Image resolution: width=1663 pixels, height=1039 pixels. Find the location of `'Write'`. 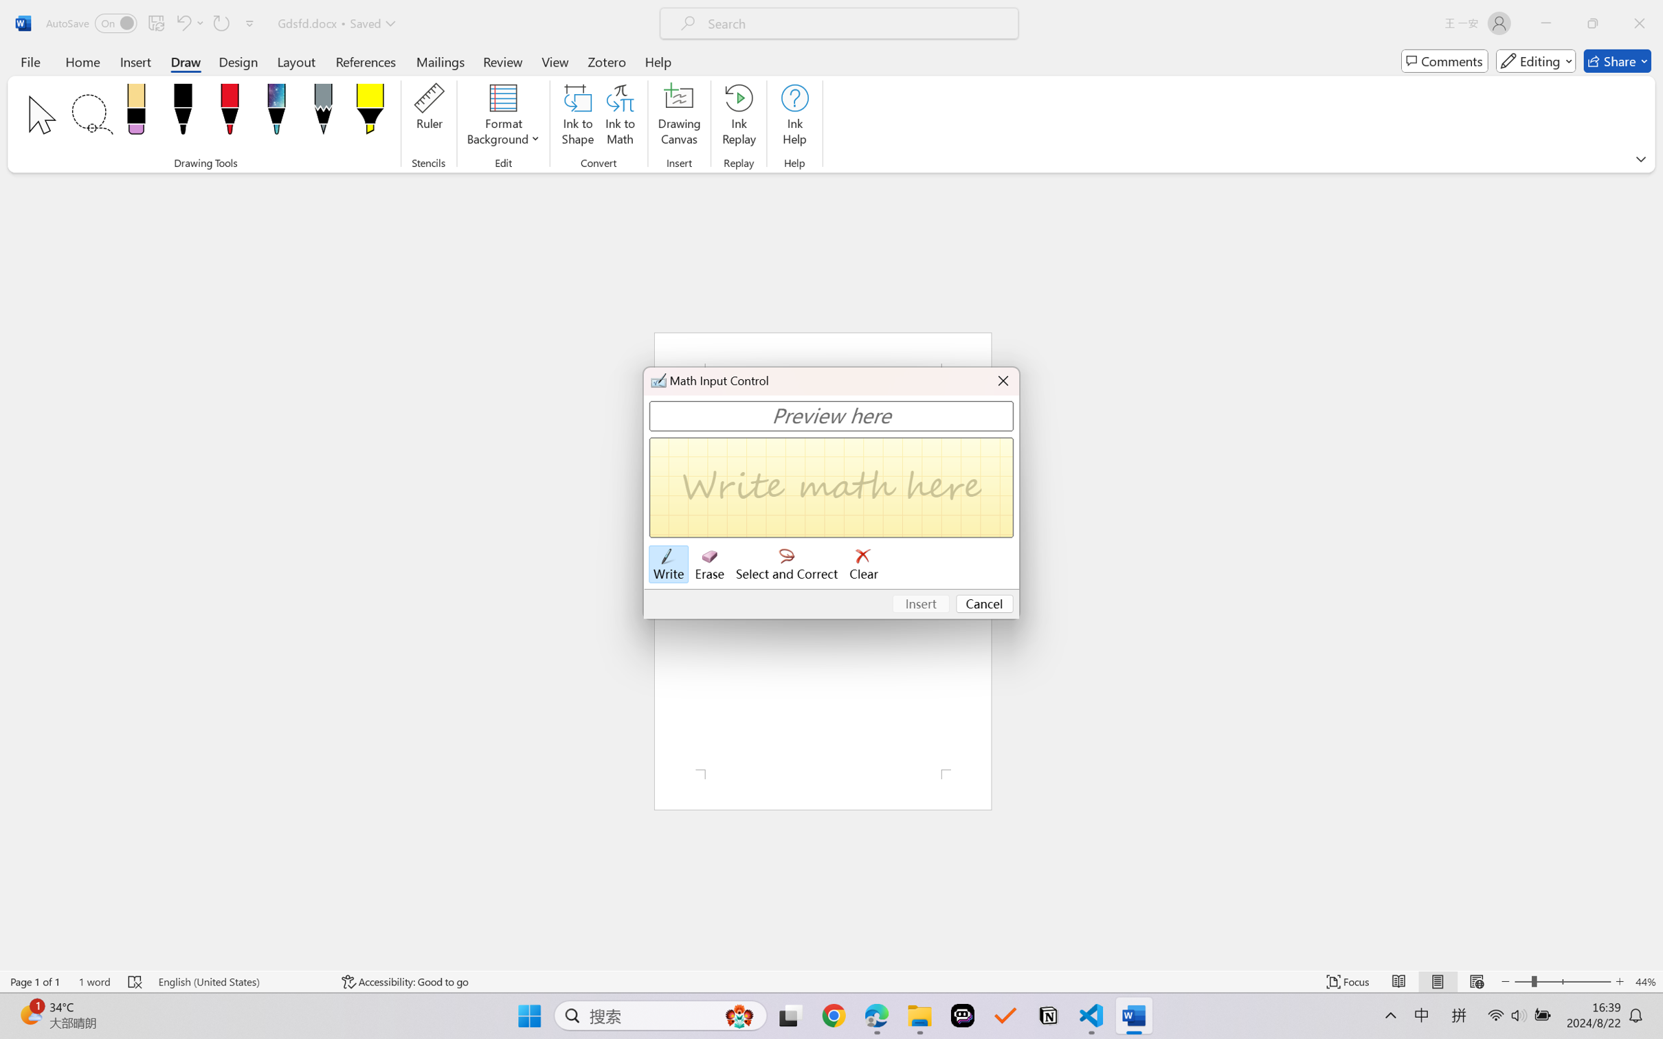

'Write' is located at coordinates (668, 563).